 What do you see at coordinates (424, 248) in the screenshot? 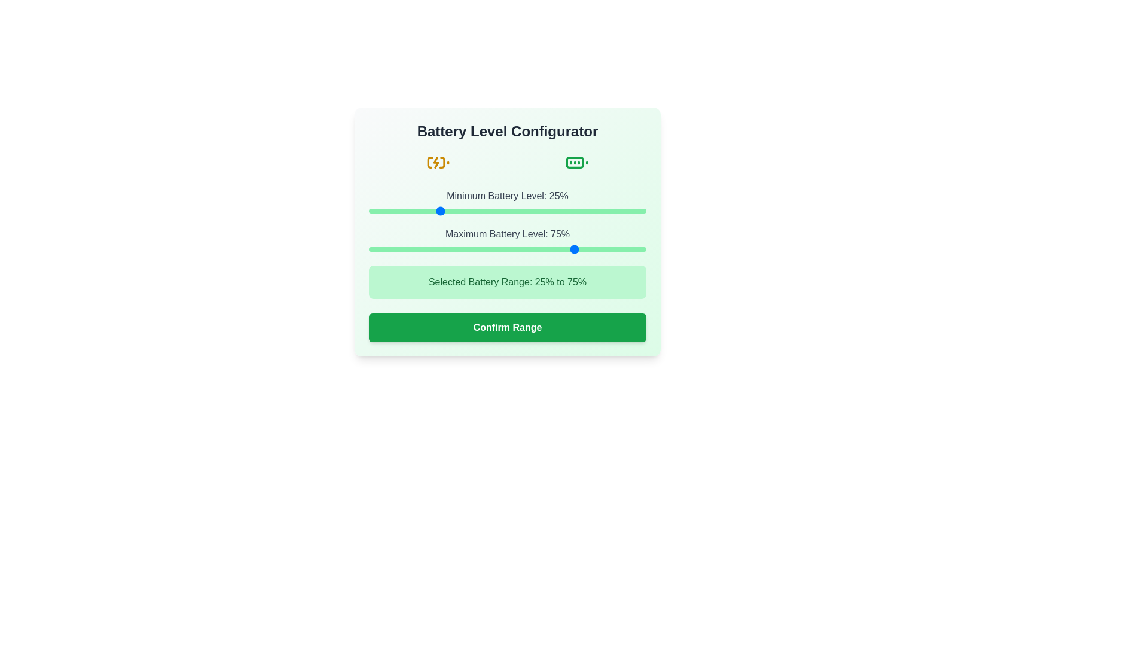
I see `the slider` at bounding box center [424, 248].